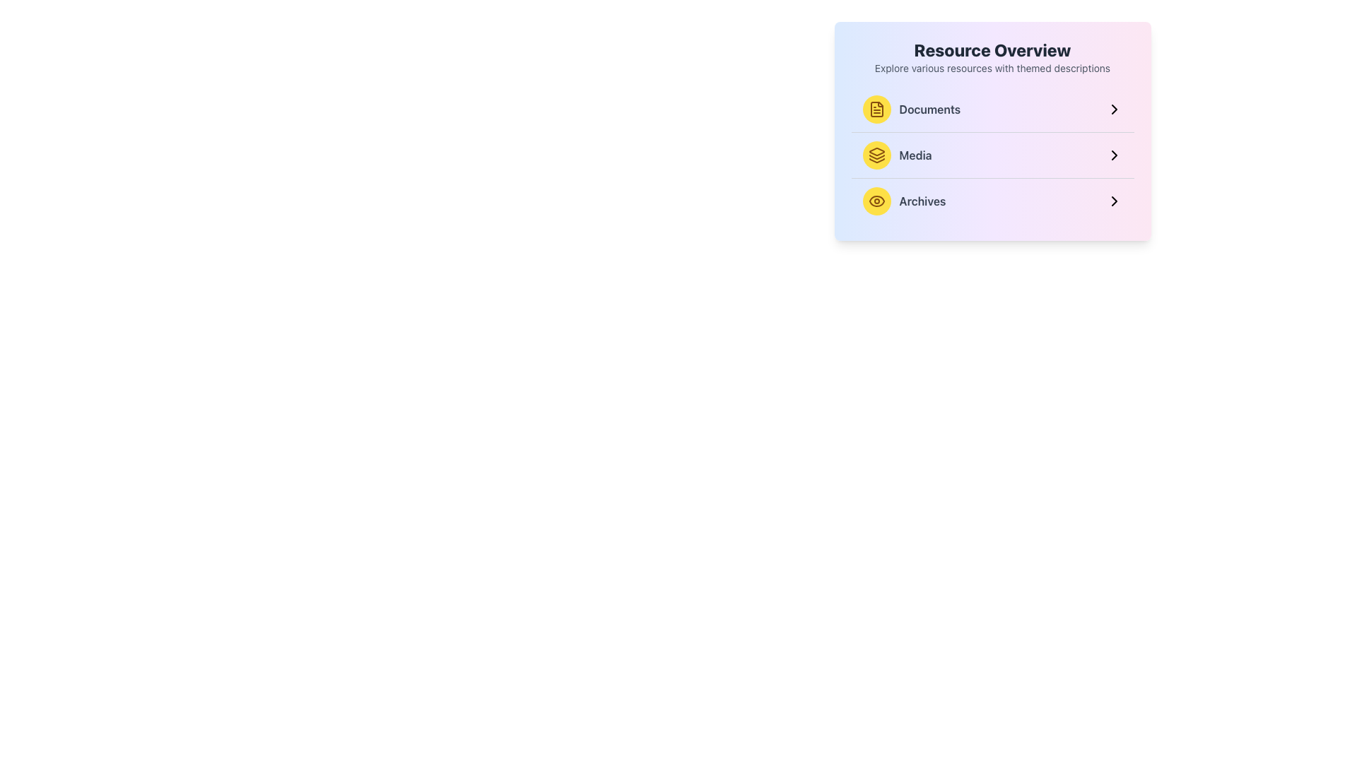 The height and width of the screenshot is (763, 1357). Describe the element at coordinates (903, 201) in the screenshot. I see `the 'Archives' list item in the 'Resource Overview' section` at that location.